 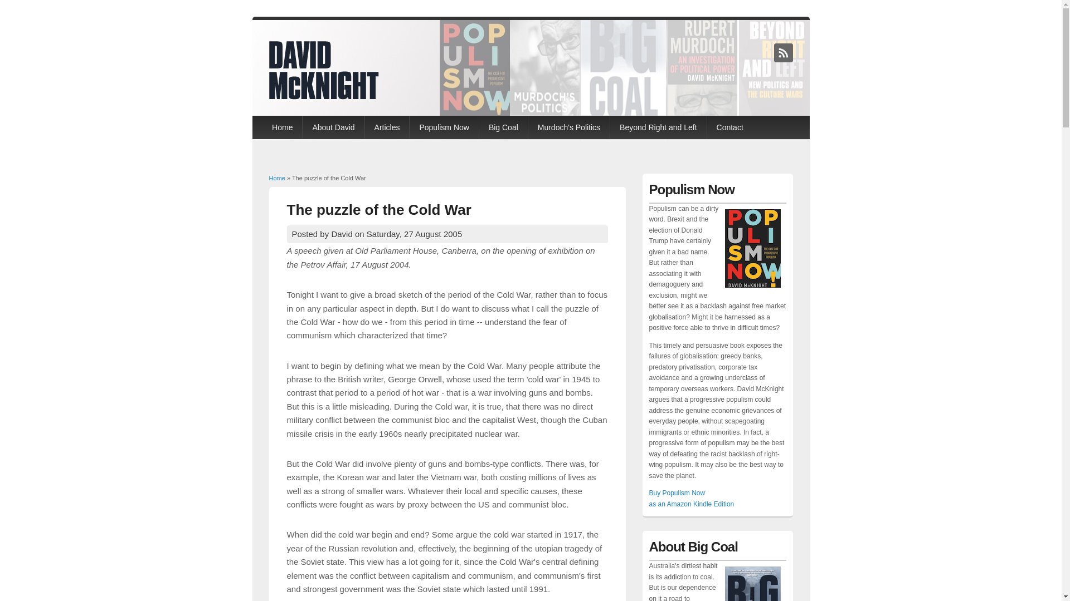 I want to click on 'Populism Now', so click(x=408, y=126).